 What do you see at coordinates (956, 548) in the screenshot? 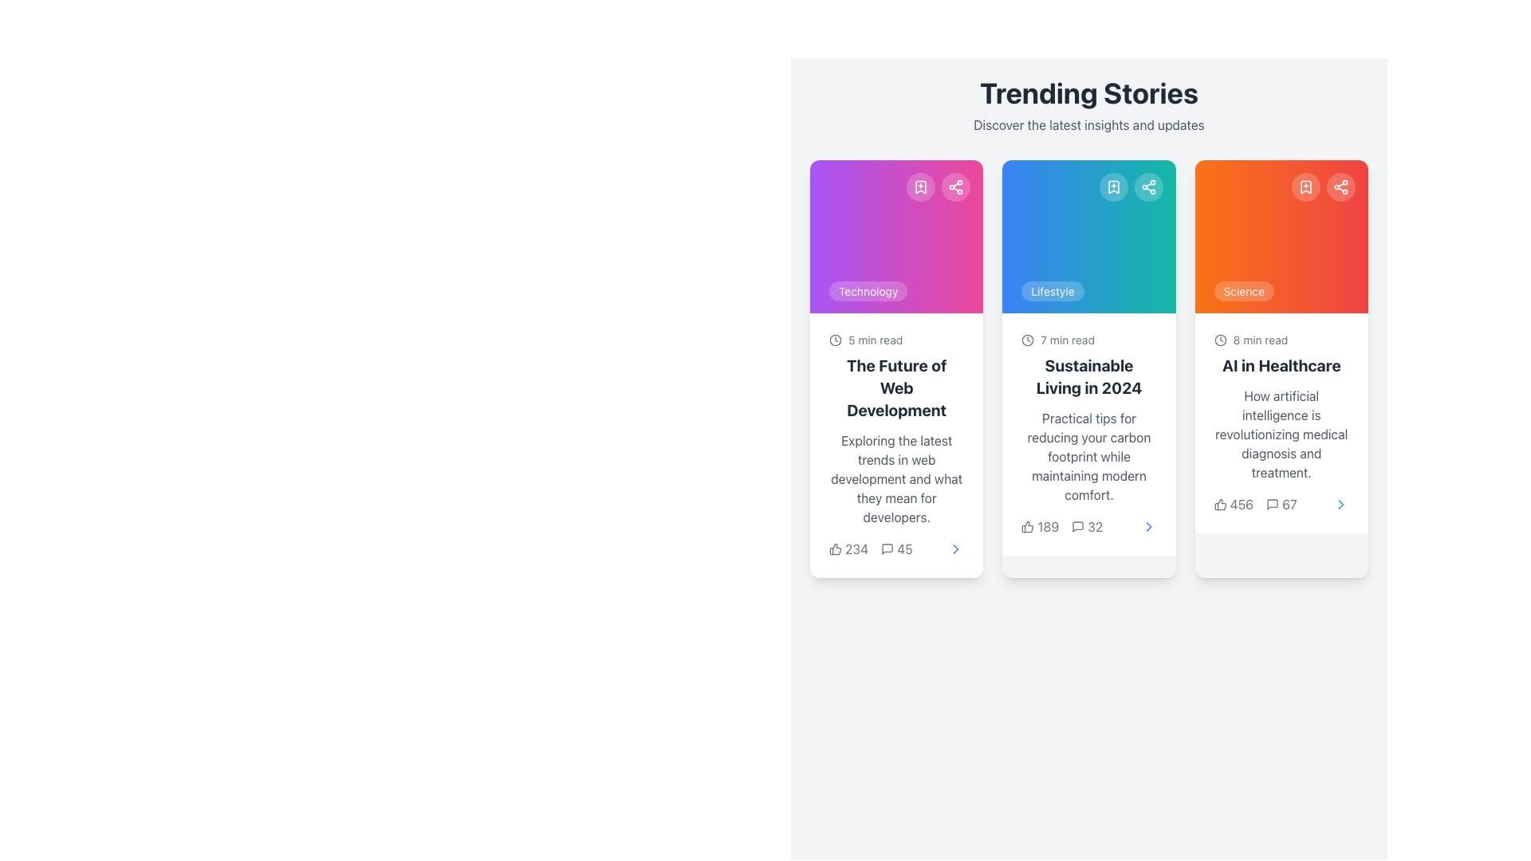
I see `the right-facing blue chevron icon located at the bottom-right corner of the card labeled 'The Future of Web Development'` at bounding box center [956, 548].